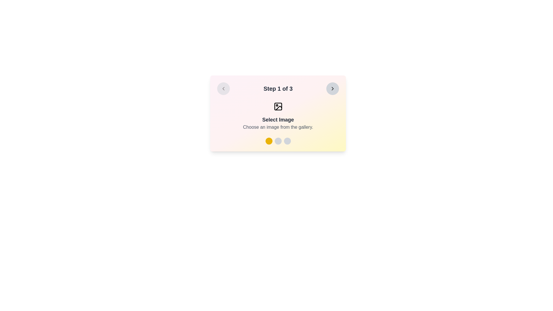  What do you see at coordinates (268, 141) in the screenshot?
I see `the first circular button with a yellow background located slightly below the main text area` at bounding box center [268, 141].